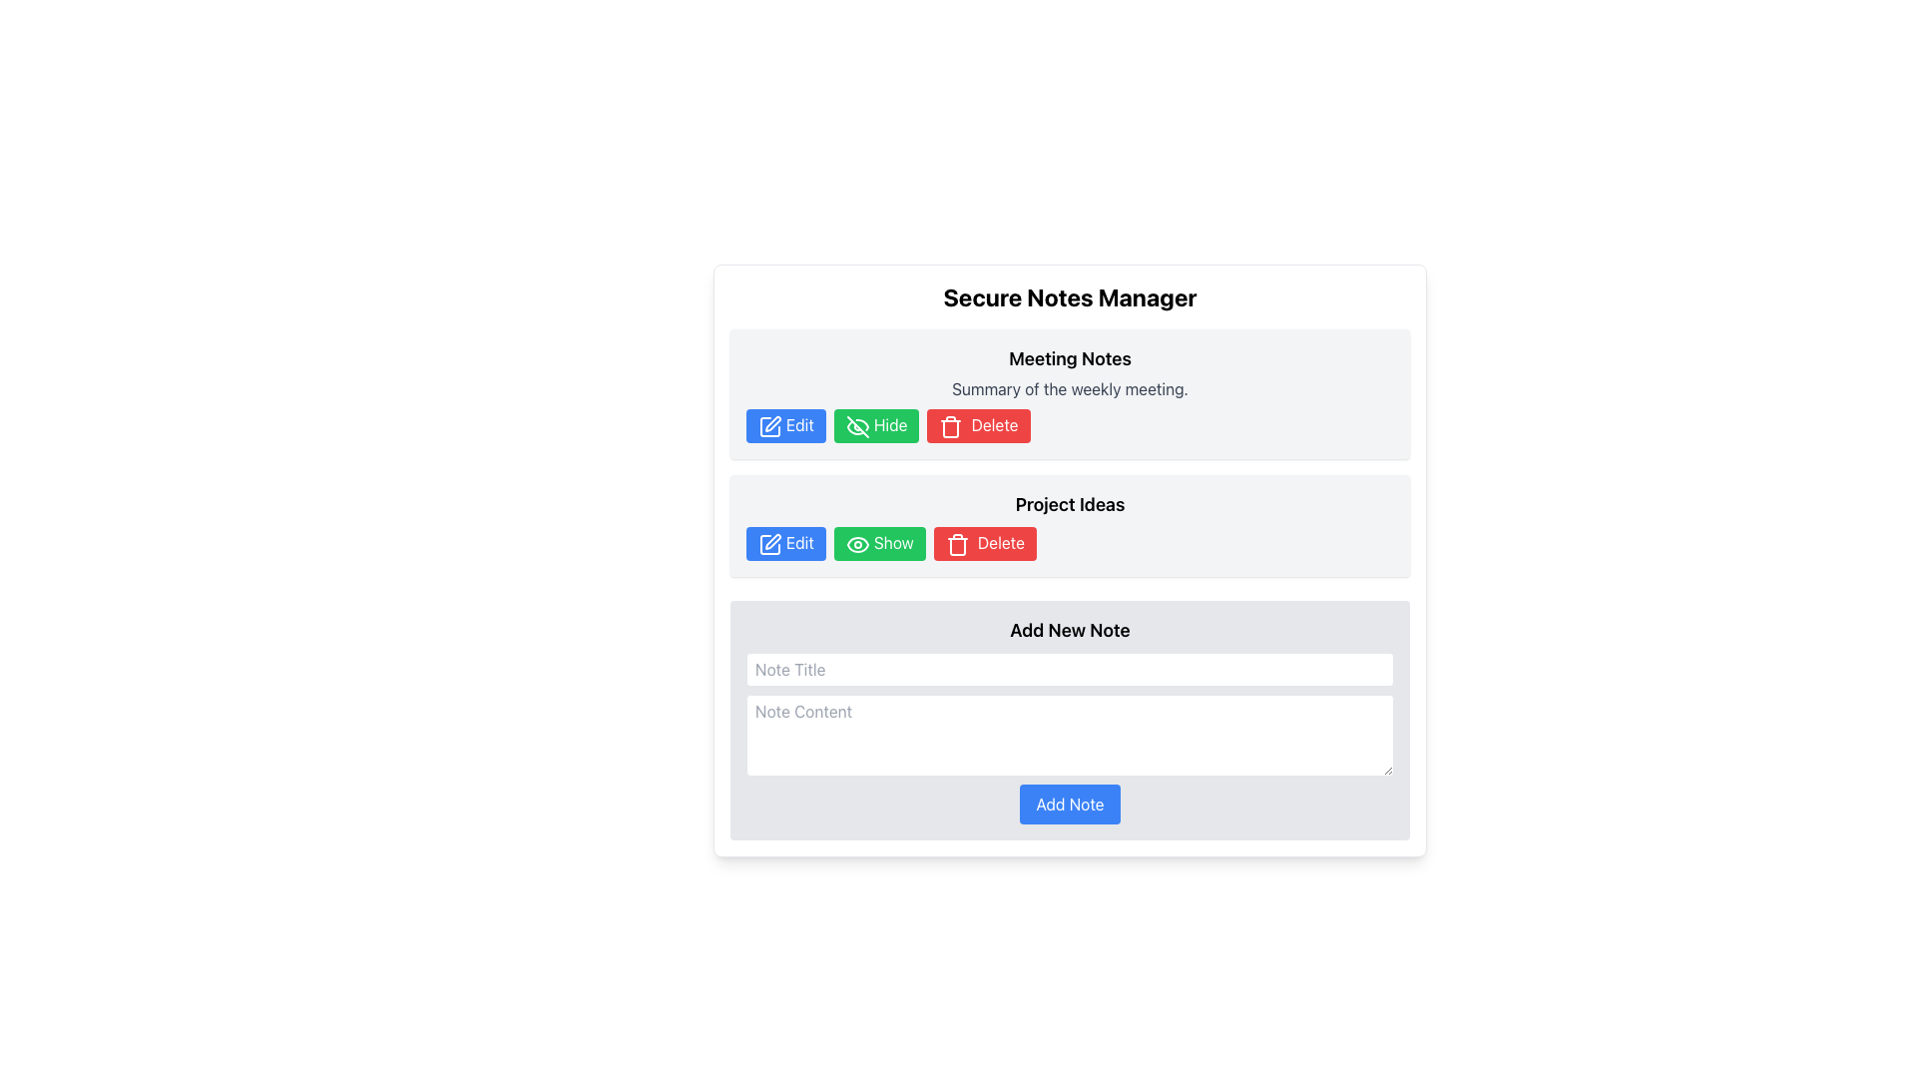  What do you see at coordinates (769, 543) in the screenshot?
I see `the decorative icon graphic that is part of the 'Edit' button located in the 'Project Ideas' section` at bounding box center [769, 543].